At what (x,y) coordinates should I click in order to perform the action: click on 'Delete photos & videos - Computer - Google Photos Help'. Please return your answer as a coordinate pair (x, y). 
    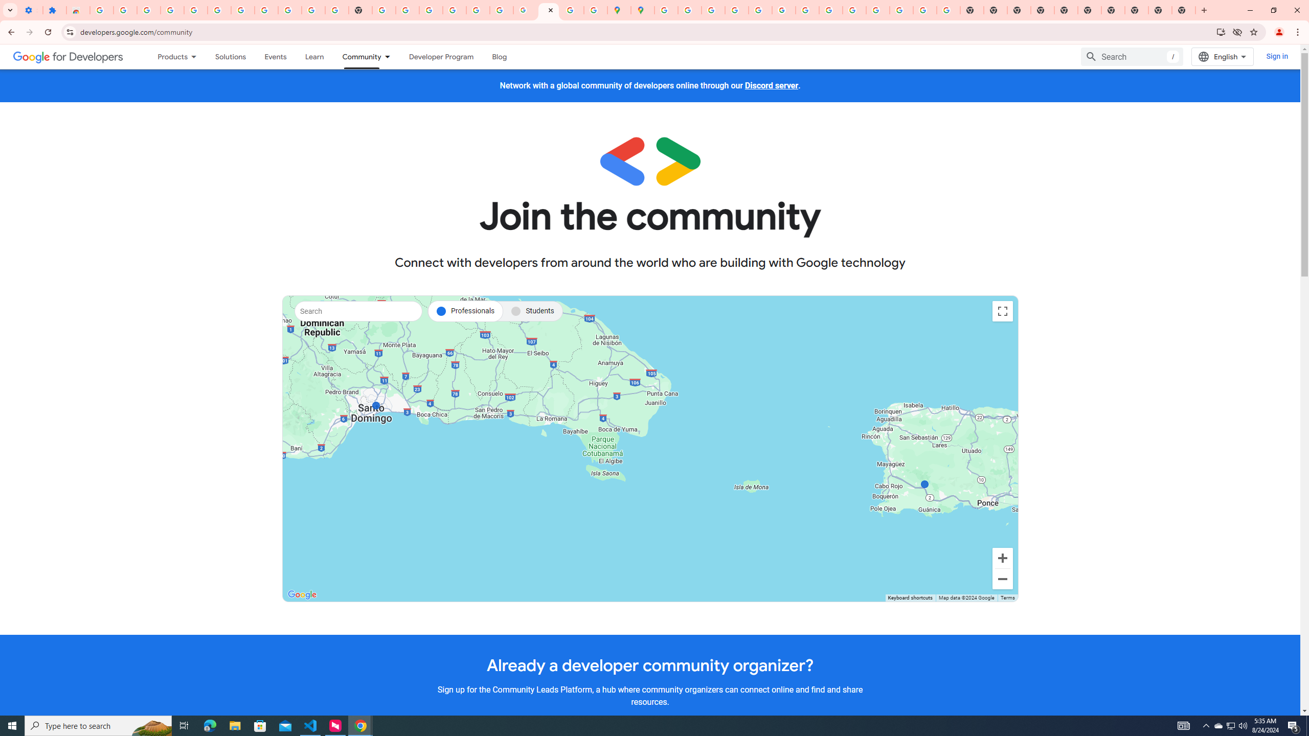
    Looking at the image, I should click on (171, 10).